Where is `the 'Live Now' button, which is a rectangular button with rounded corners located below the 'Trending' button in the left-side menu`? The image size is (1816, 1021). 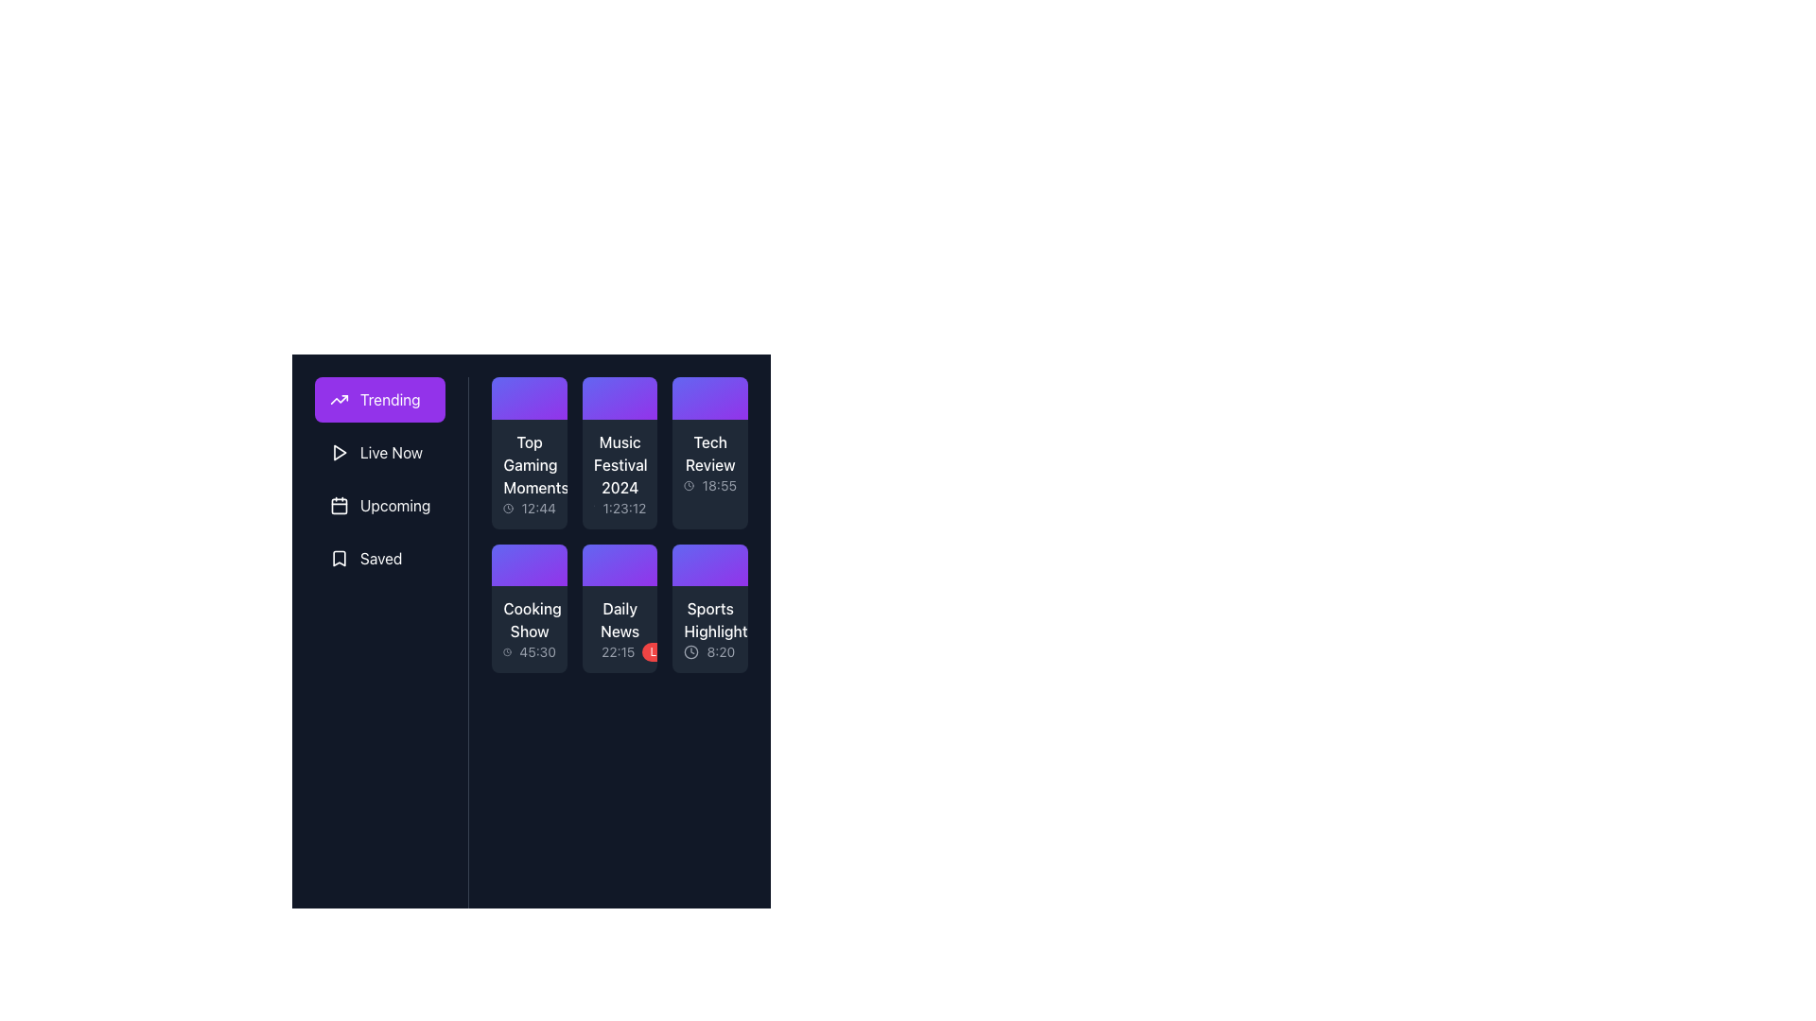 the 'Live Now' button, which is a rectangular button with rounded corners located below the 'Trending' button in the left-side menu is located at coordinates (379, 452).